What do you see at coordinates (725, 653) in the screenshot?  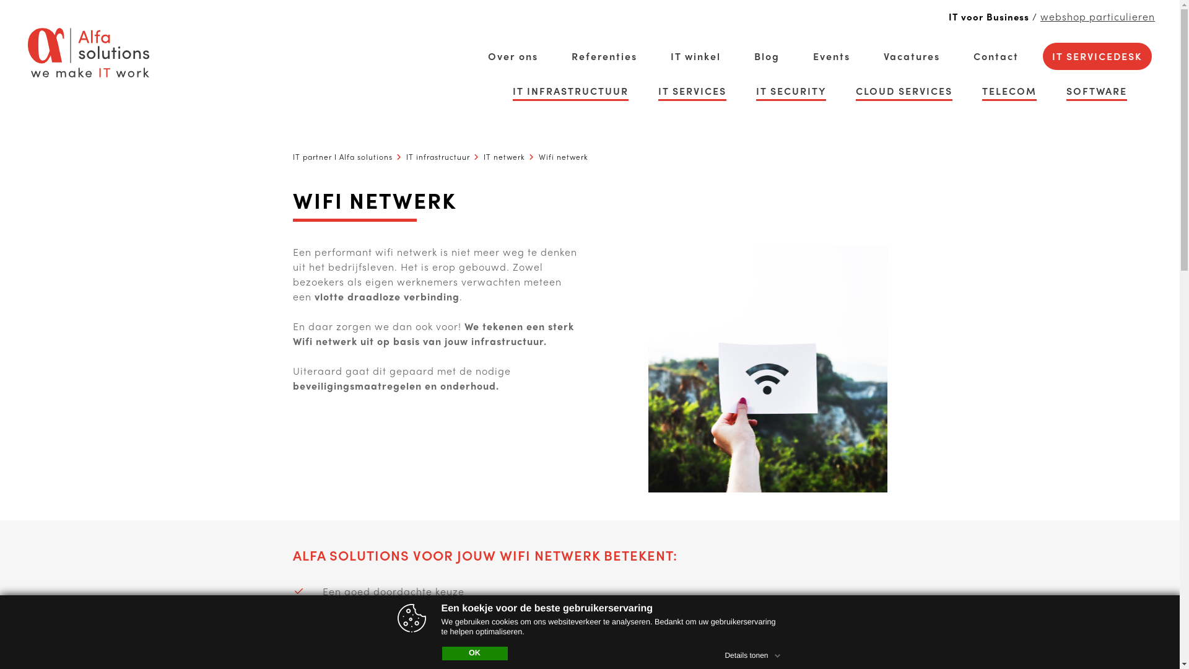 I see `'Details tonen'` at bounding box center [725, 653].